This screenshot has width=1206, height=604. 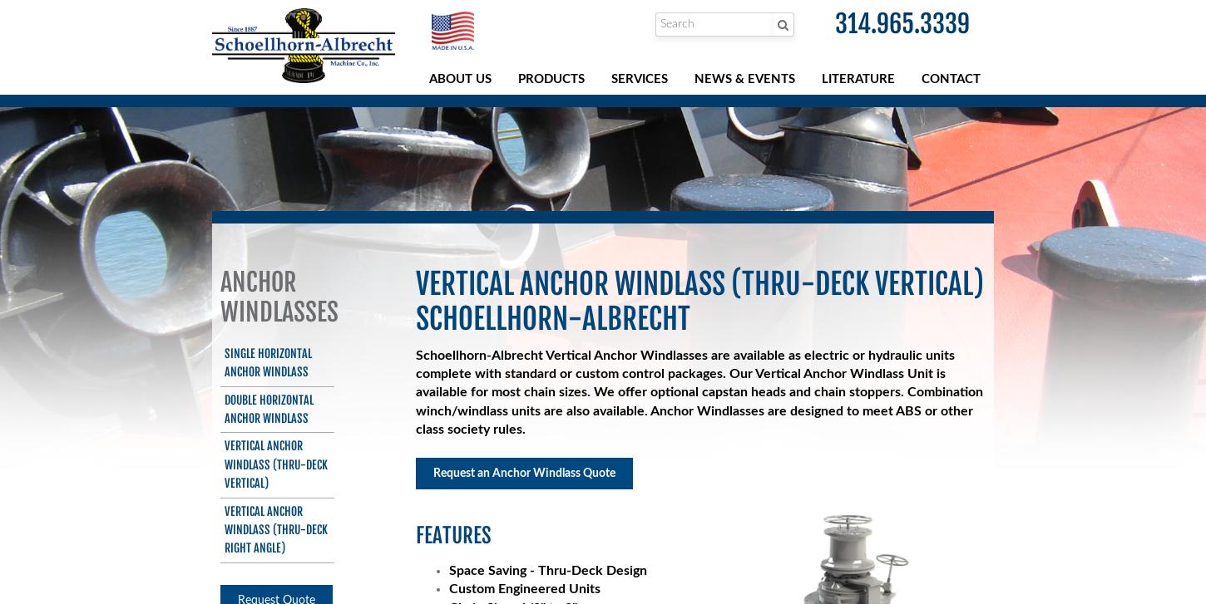 I want to click on 'Custom Engineered Units', so click(x=523, y=587).